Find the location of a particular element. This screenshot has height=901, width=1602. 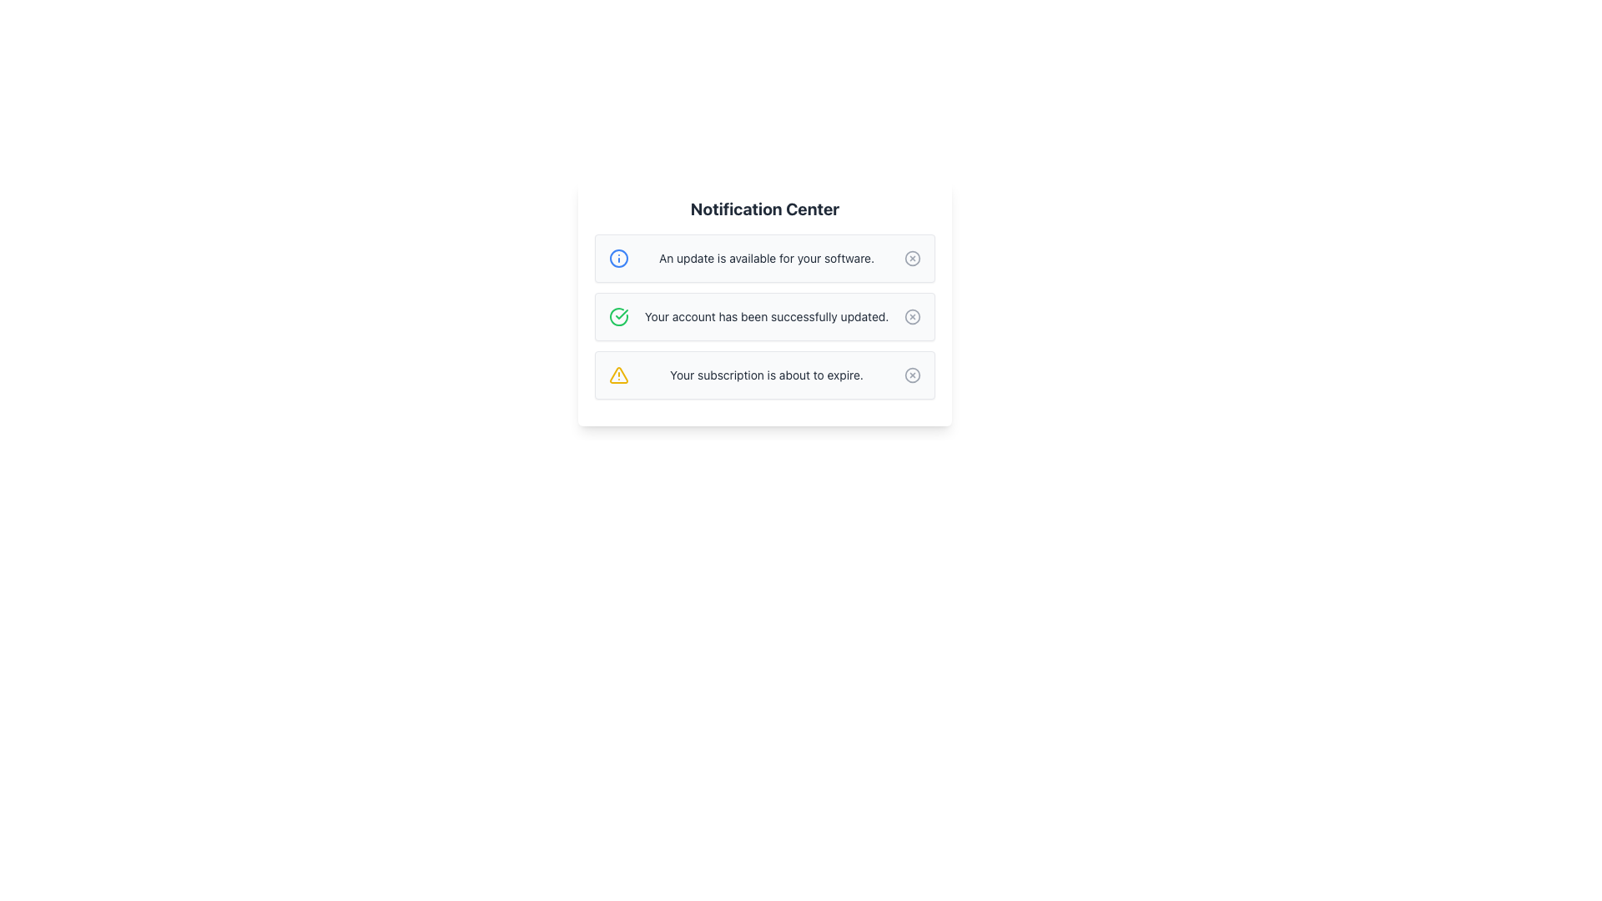

the checkmark icon within the notification item labeled 'Your account has been successfully updated.', which is centrally located inside a green circular icon and is the second notification item from the top in the notification center UI is located at coordinates (621, 315).